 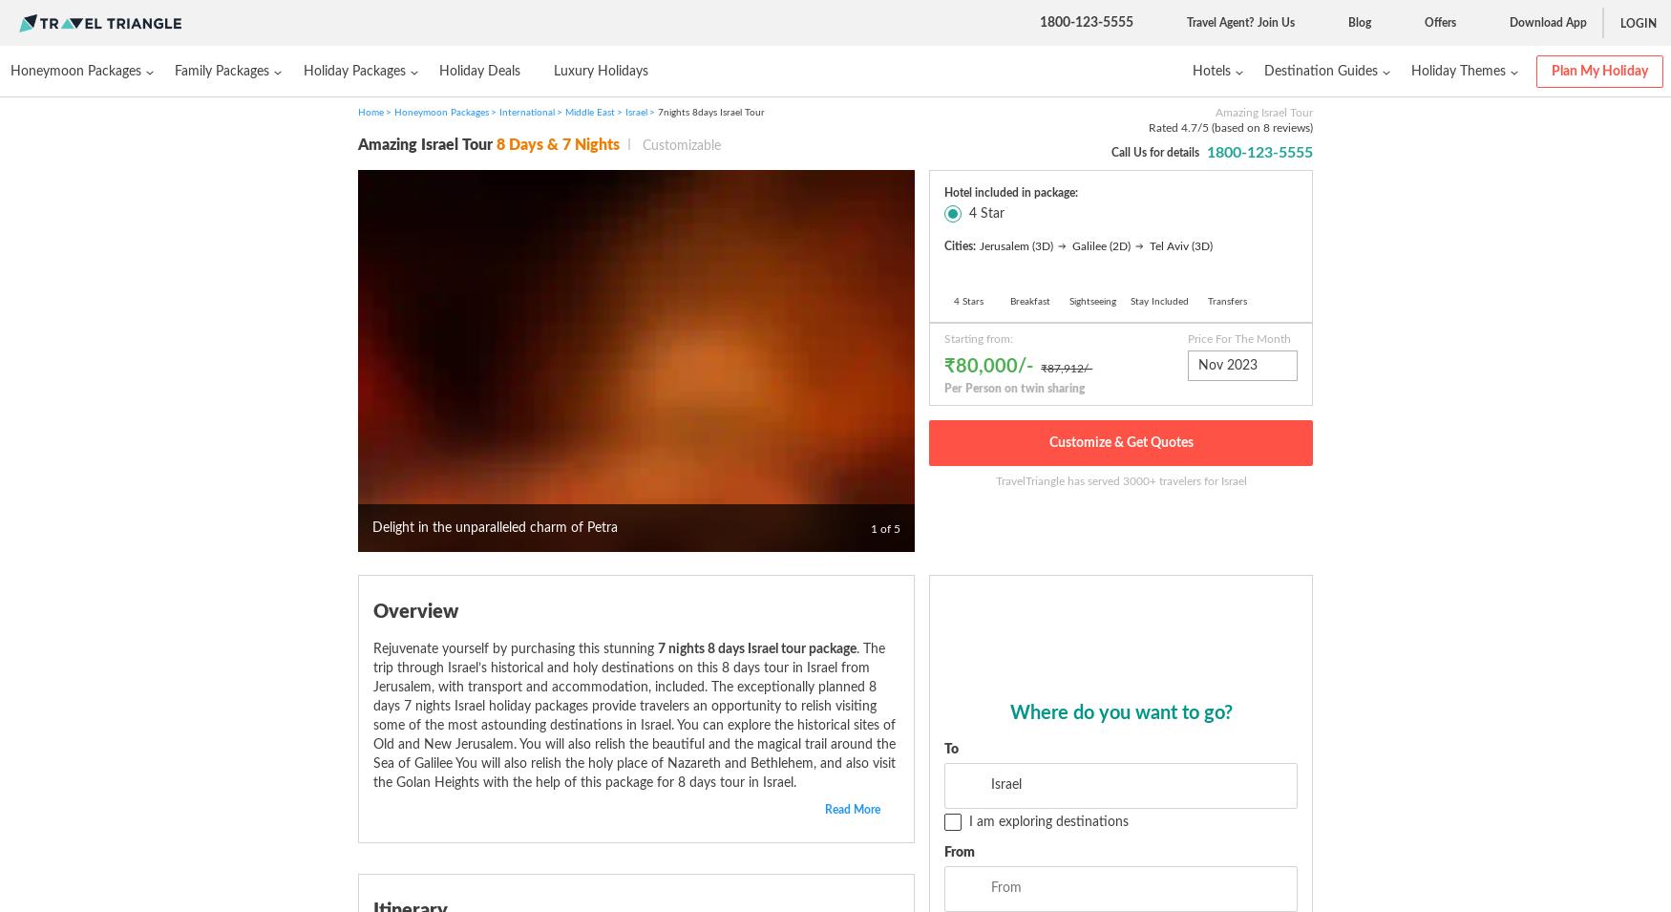 I want to click on 'Login', so click(x=1639, y=23).